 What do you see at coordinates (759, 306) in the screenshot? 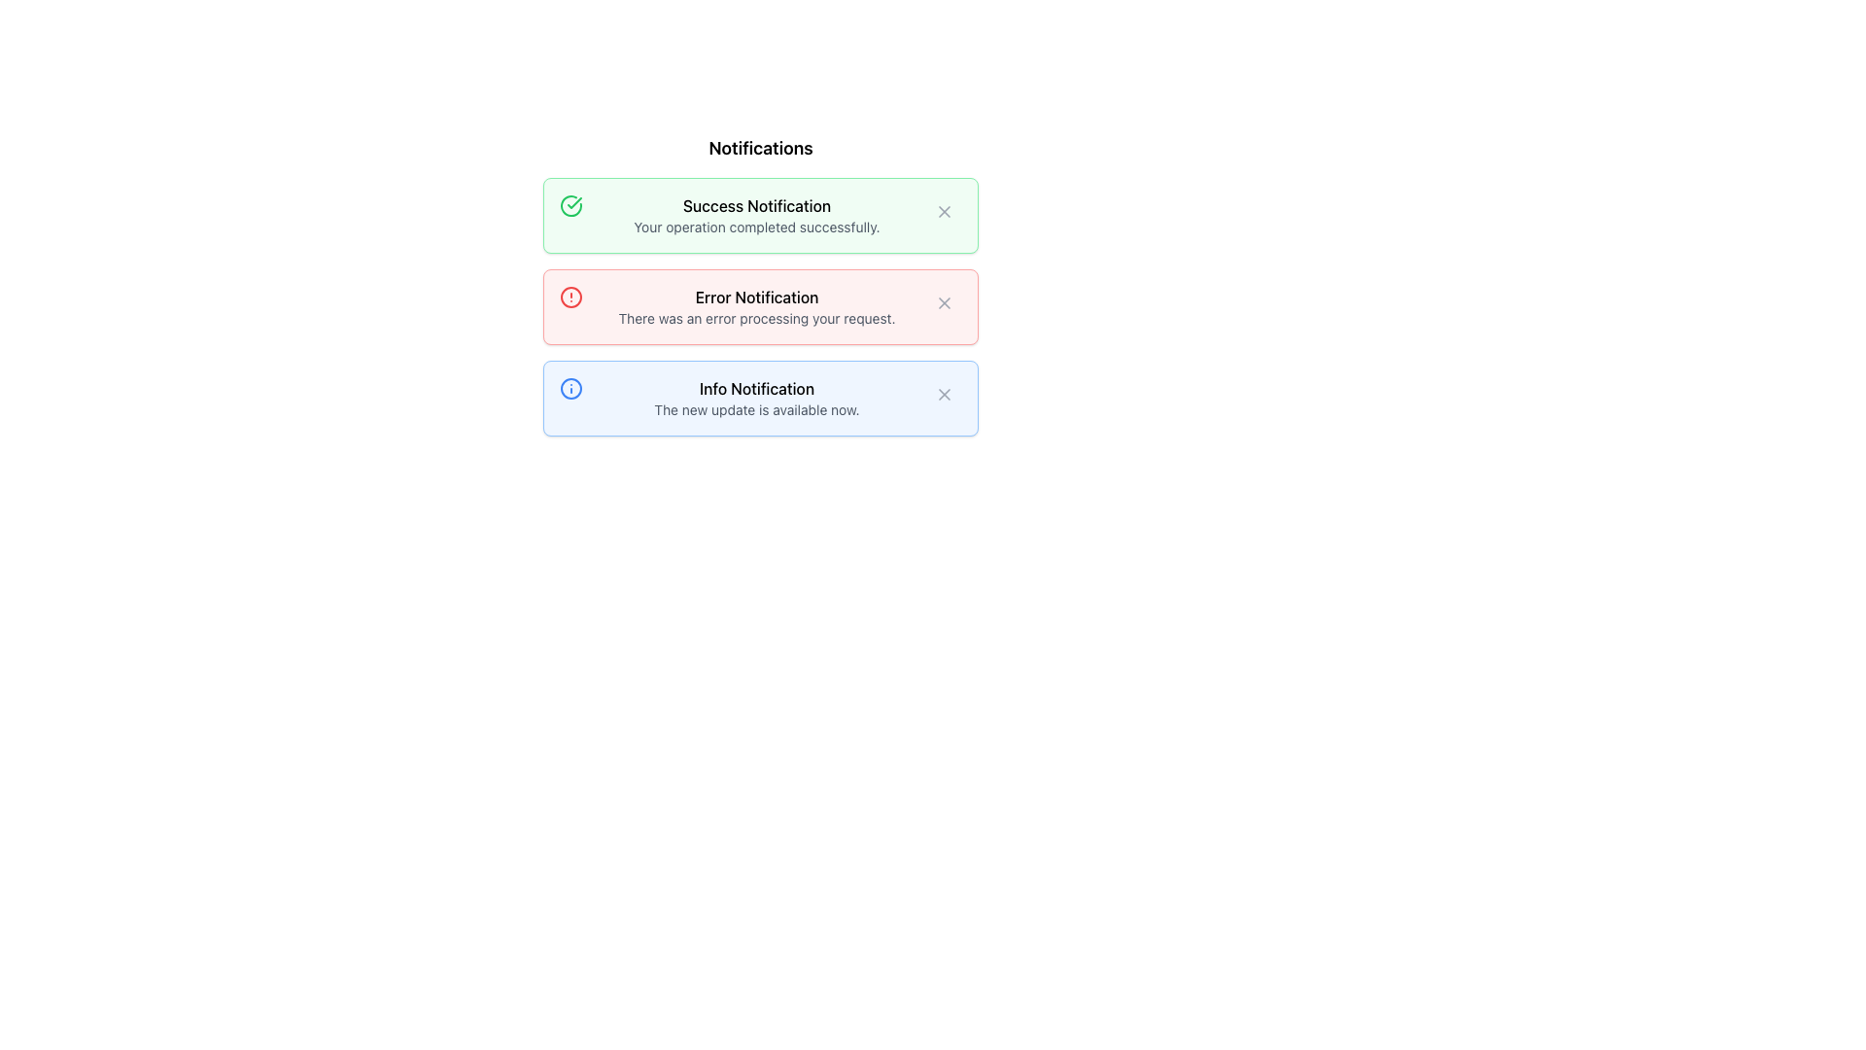
I see `the Notification card that displays an error message, located in the center of the group of notifications, specifically the second item vertically` at bounding box center [759, 306].